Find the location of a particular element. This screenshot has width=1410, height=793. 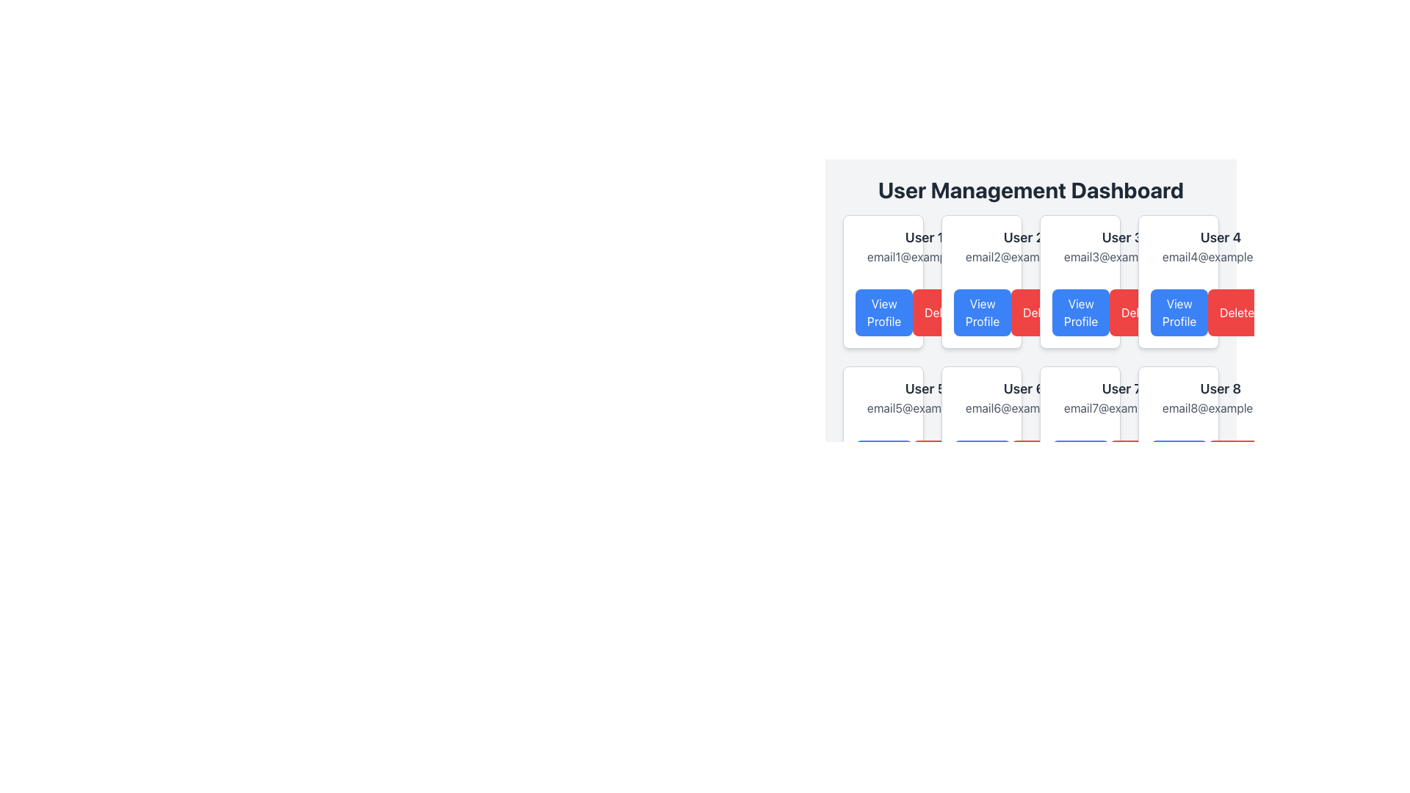

the text label displaying 'User 1', which is positioned at the top section of the user information card above the email address in the user management dashboard is located at coordinates (923, 237).